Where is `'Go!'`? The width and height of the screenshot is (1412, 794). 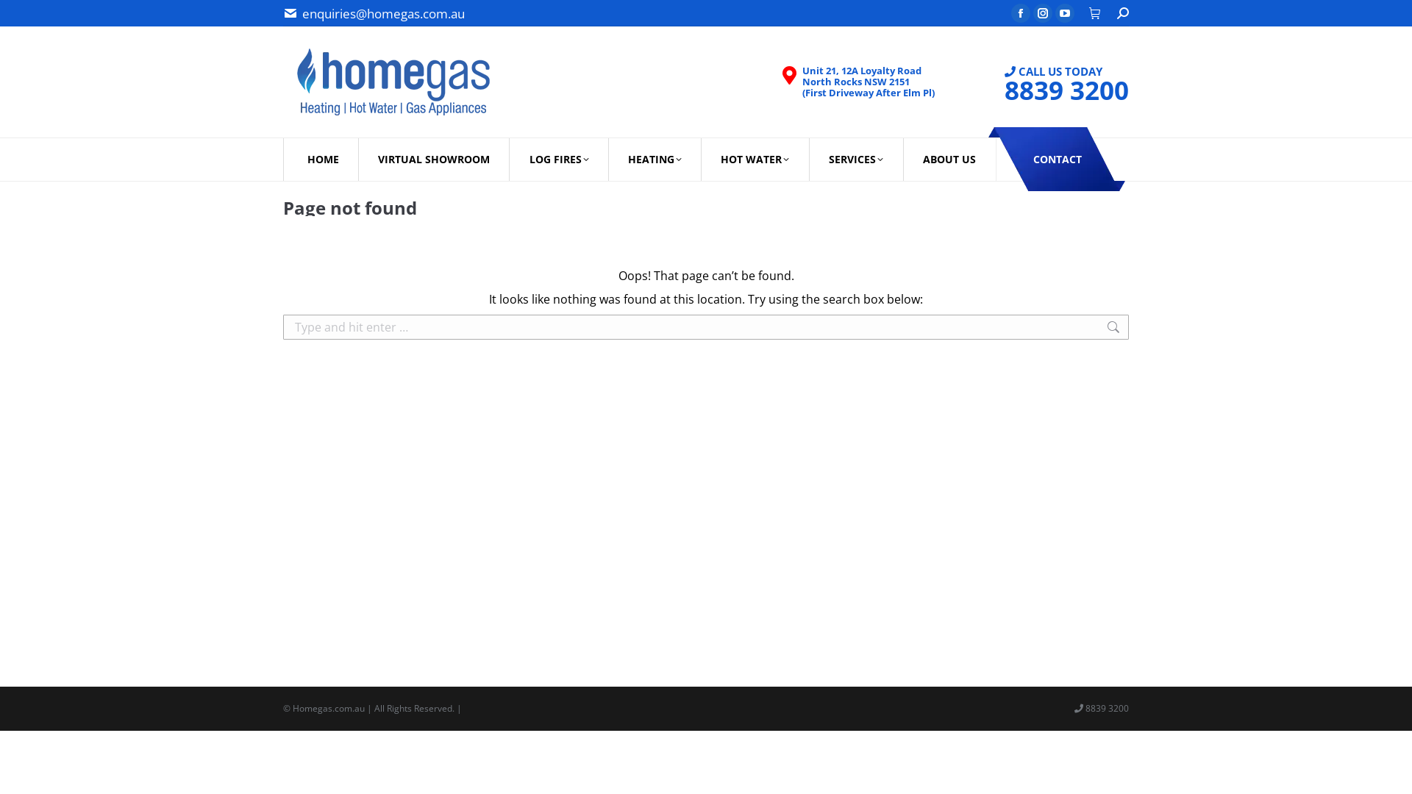 'Go!' is located at coordinates (24, 18).